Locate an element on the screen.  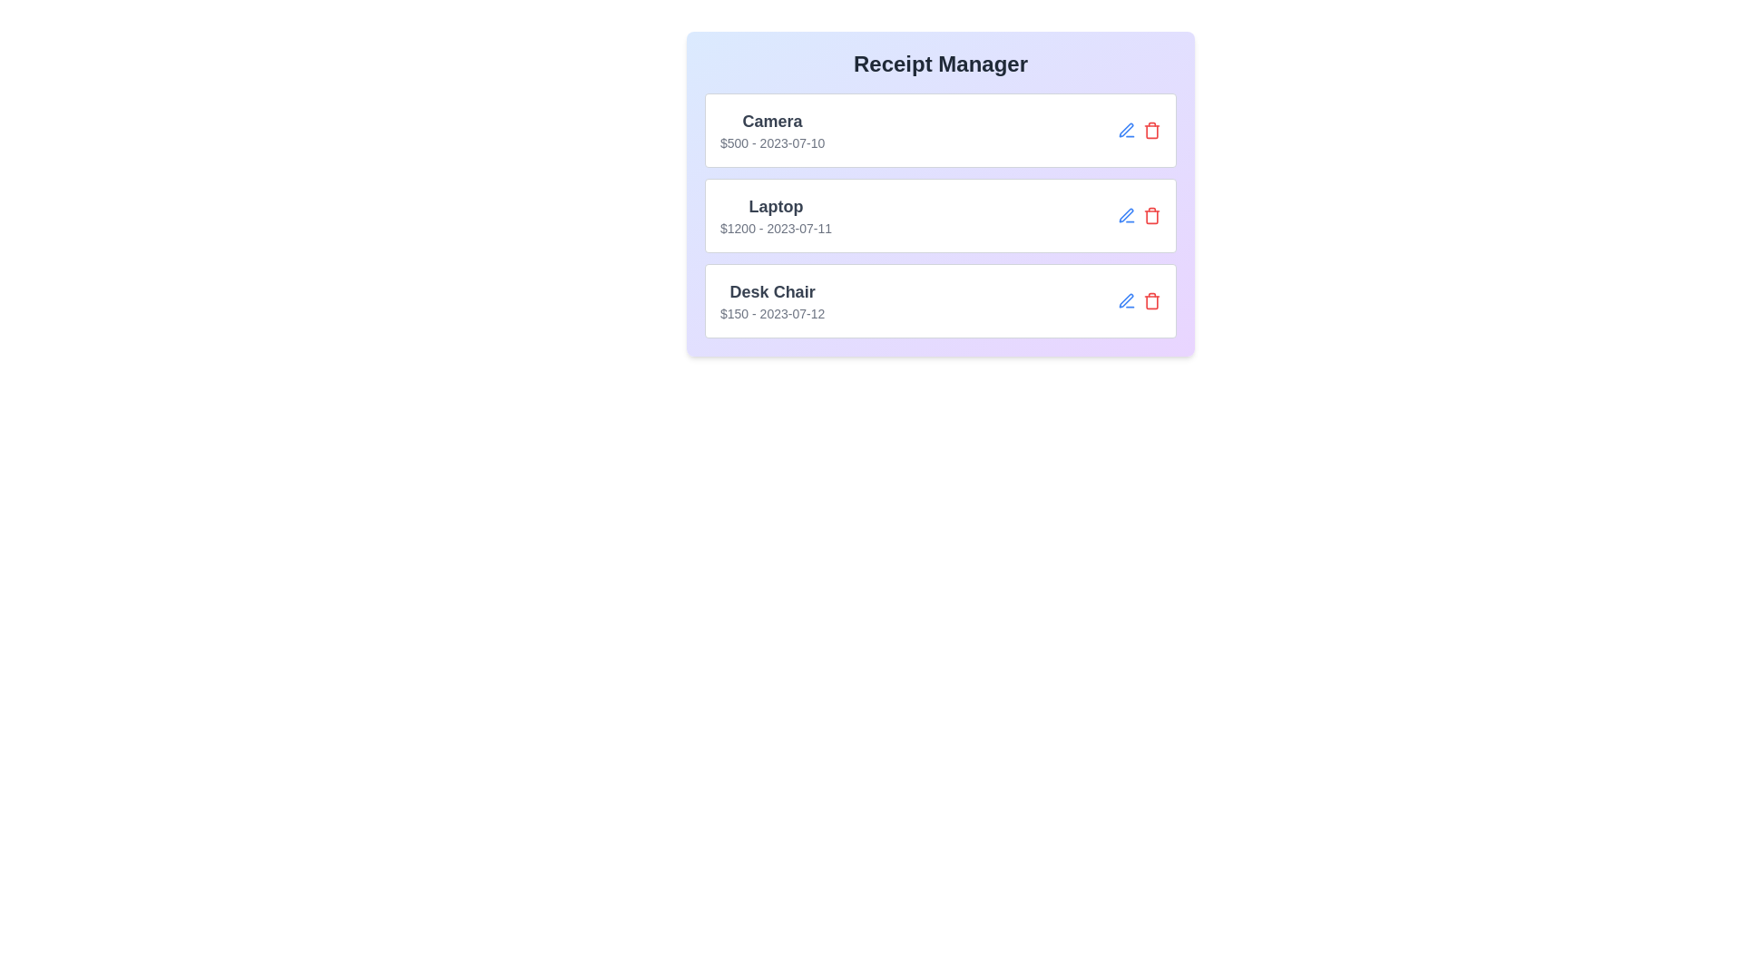
the edit button for the receipt entry corresponding to Camera is located at coordinates (1126, 129).